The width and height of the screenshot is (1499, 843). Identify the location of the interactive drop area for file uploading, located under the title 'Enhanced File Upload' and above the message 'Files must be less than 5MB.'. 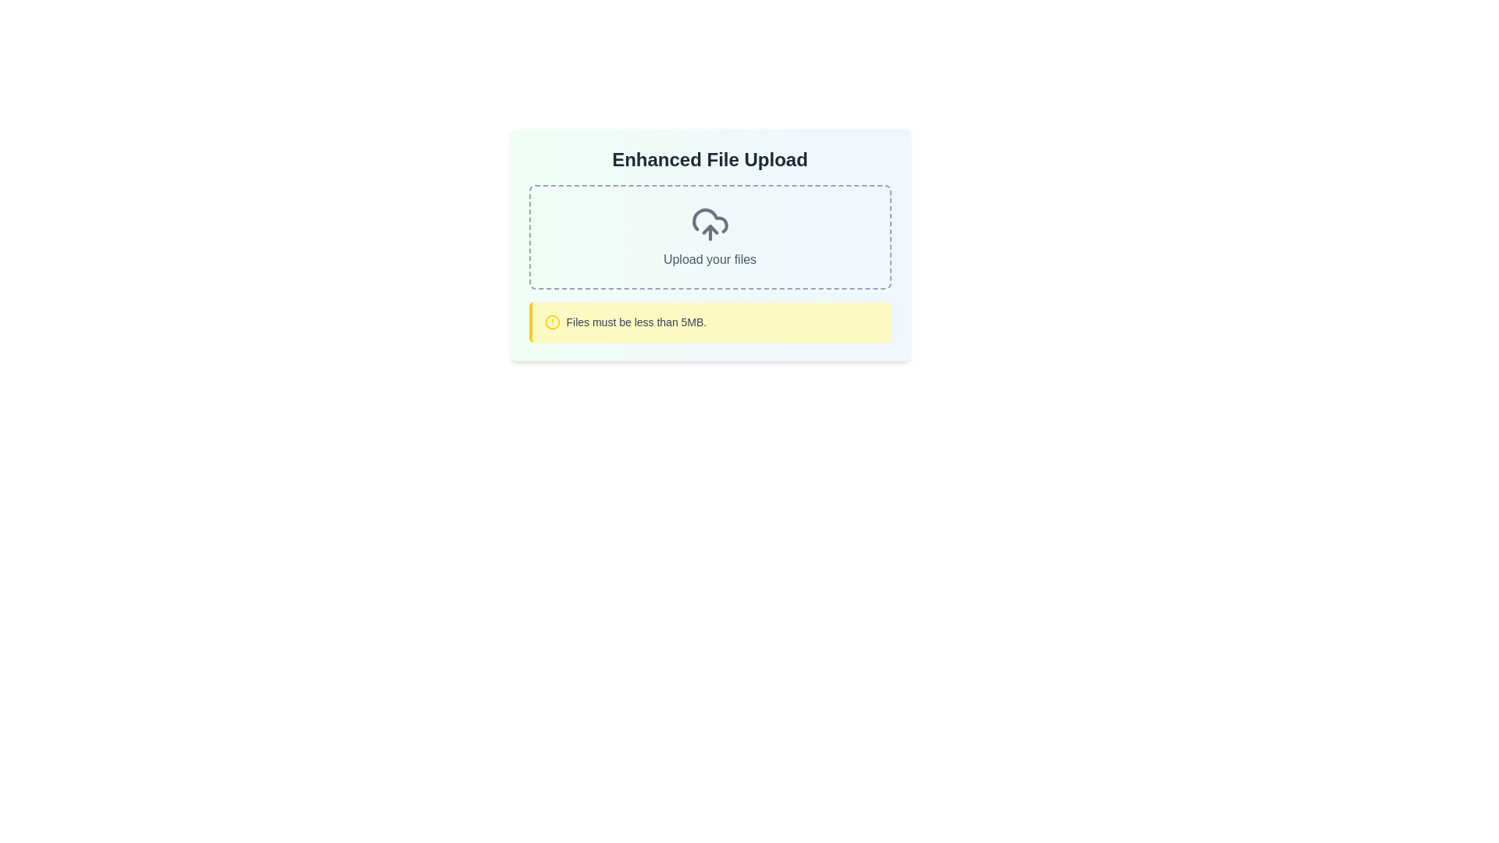
(709, 237).